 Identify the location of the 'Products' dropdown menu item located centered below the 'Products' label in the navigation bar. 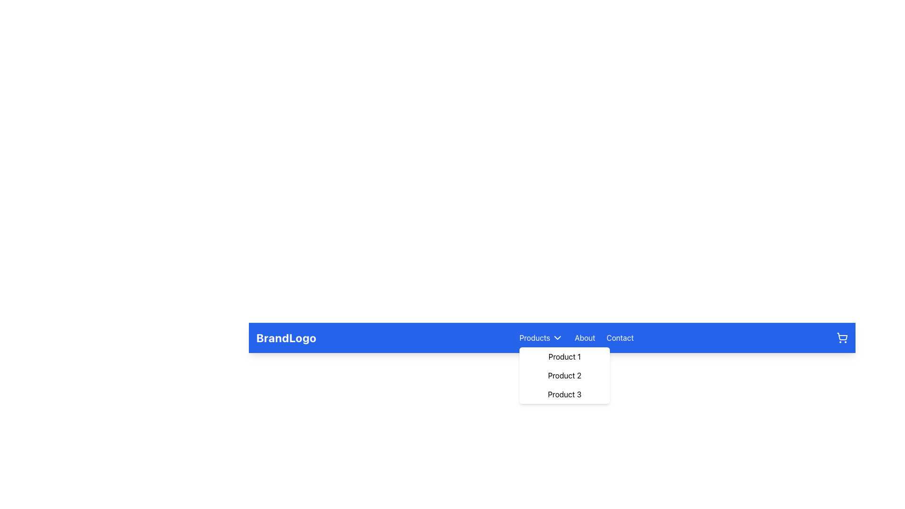
(565, 375).